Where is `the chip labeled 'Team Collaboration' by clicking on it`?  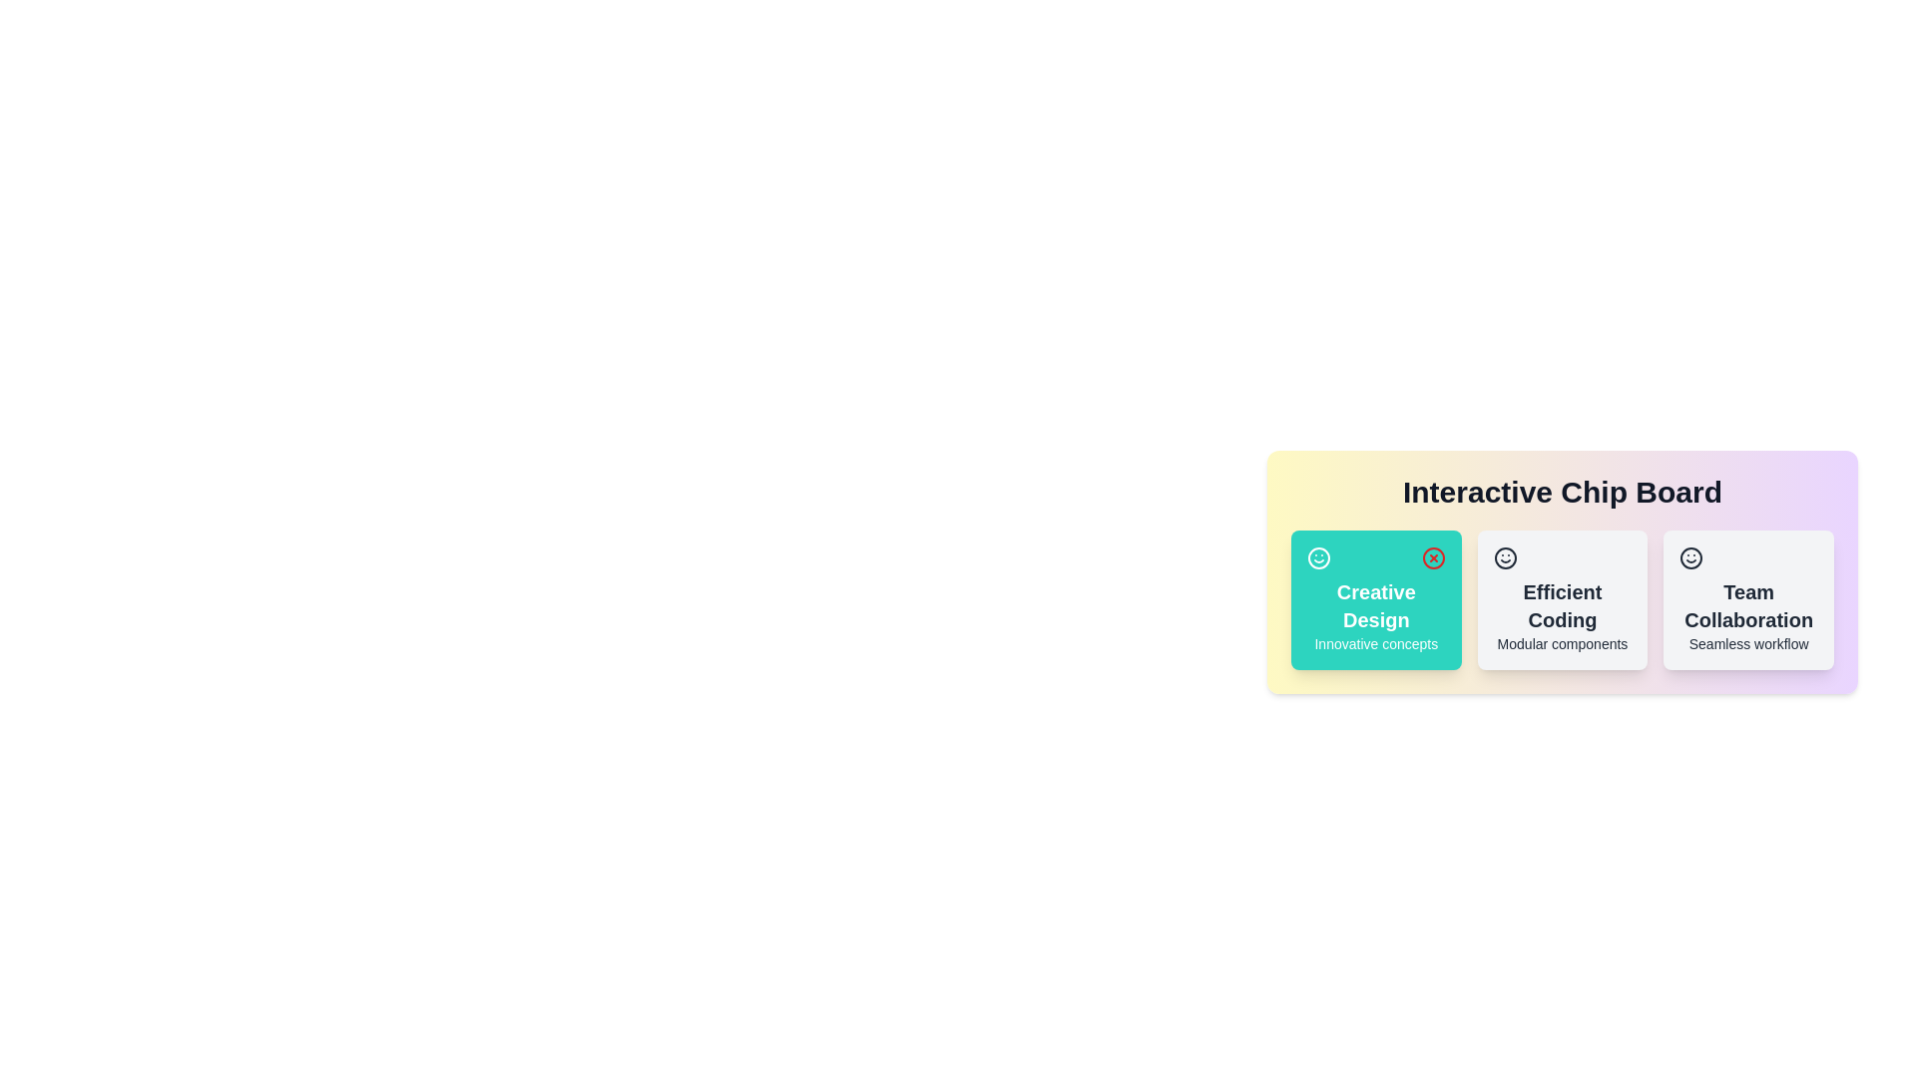 the chip labeled 'Team Collaboration' by clicking on it is located at coordinates (1747, 598).